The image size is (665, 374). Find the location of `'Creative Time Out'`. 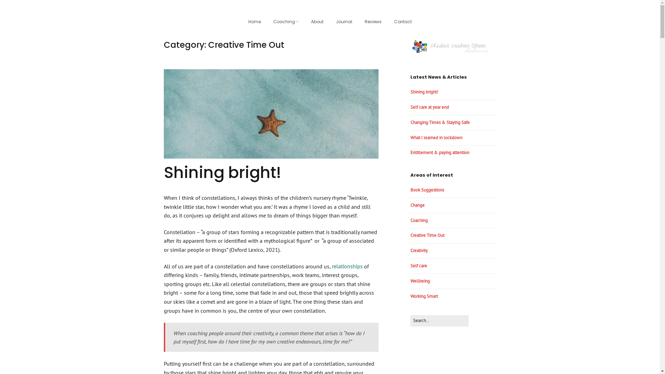

'Creative Time Out' is located at coordinates (427, 235).